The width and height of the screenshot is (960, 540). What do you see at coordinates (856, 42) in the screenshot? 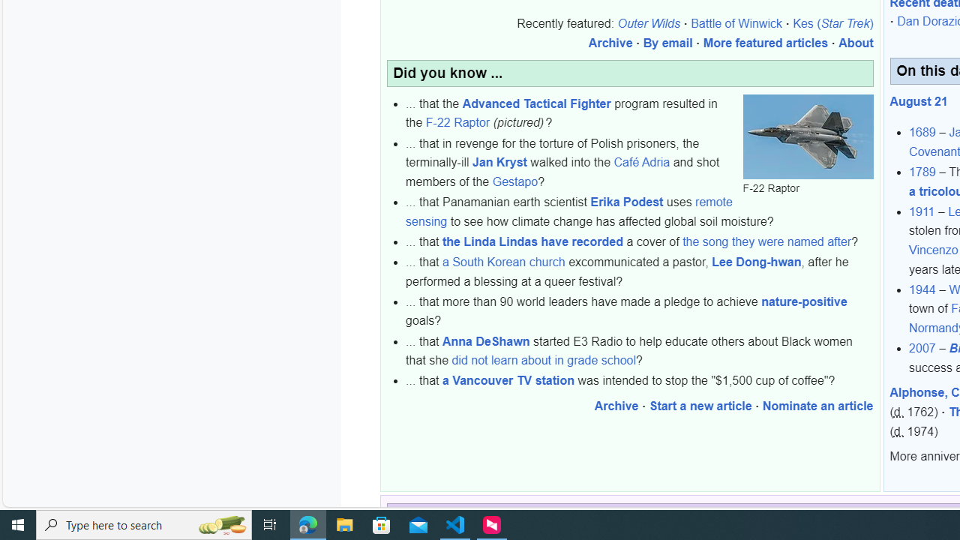
I see `'About'` at bounding box center [856, 42].